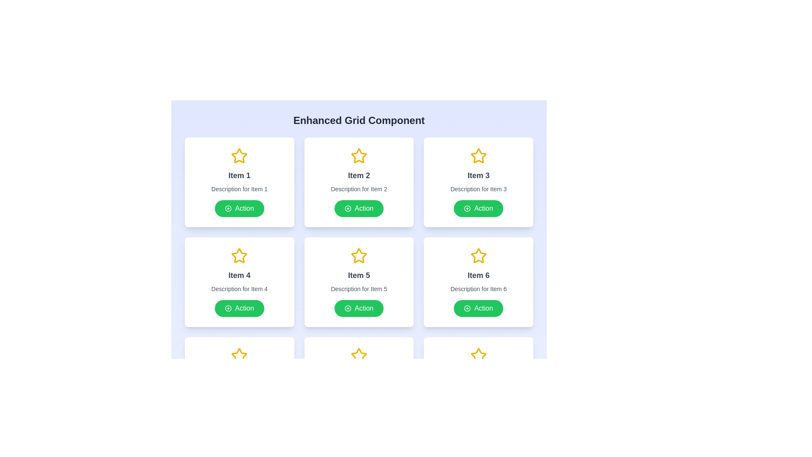  I want to click on the text label that reads 'Description for Item 6', which is located below the title 'Item 6' and above the green action button within the card for 'Item 6', so click(478, 288).